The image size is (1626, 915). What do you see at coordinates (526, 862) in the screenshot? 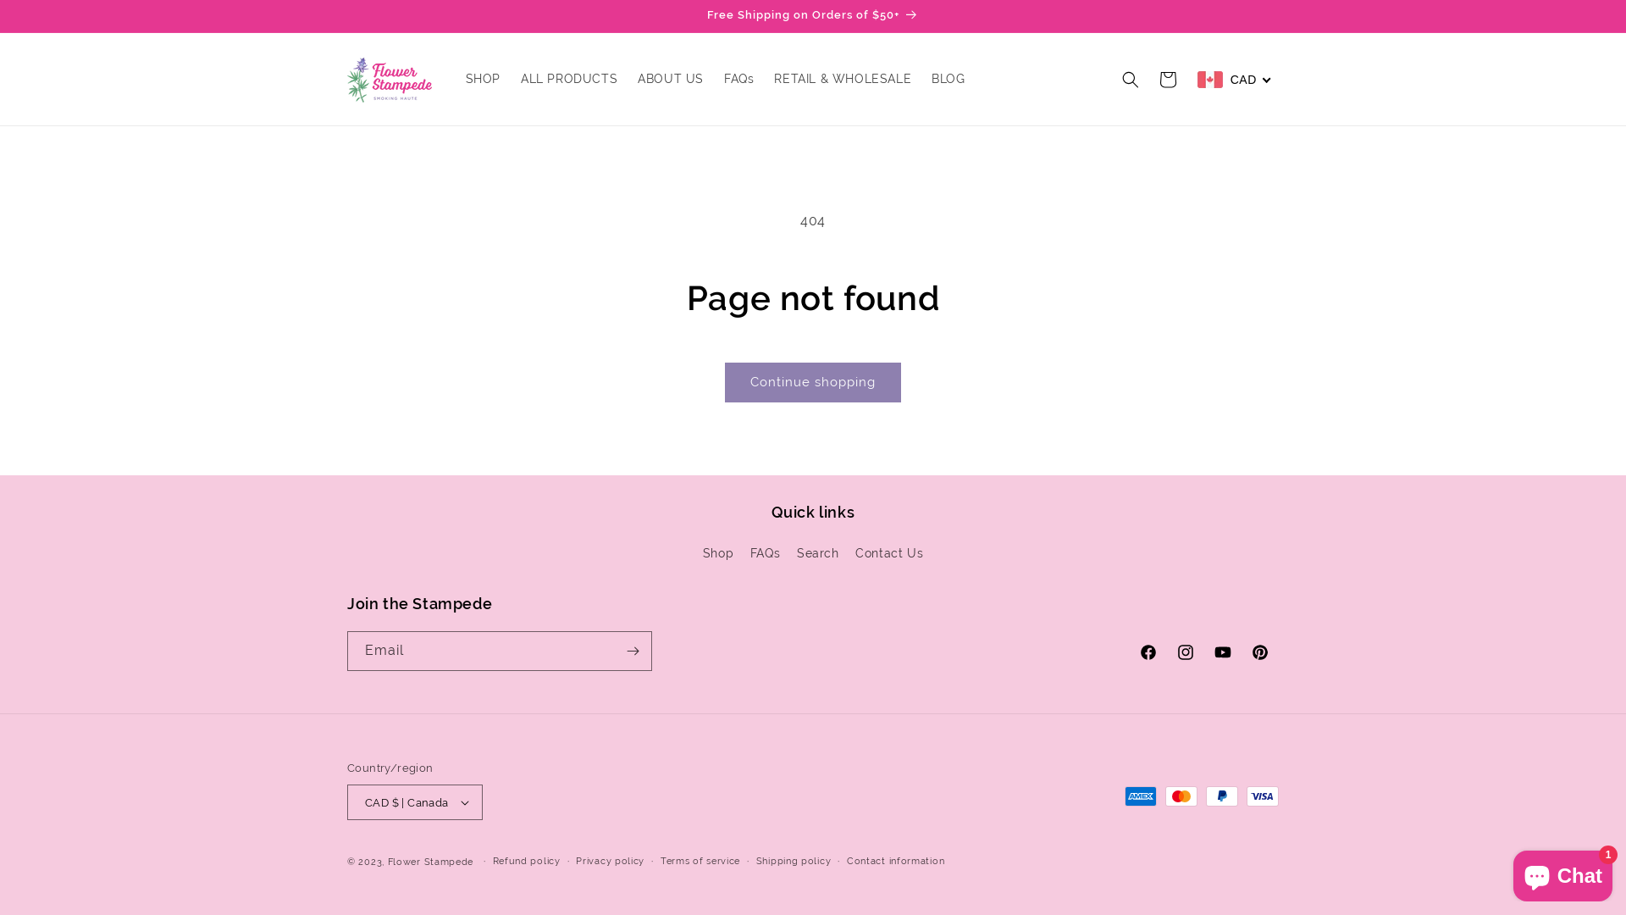
I see `'Refund policy'` at bounding box center [526, 862].